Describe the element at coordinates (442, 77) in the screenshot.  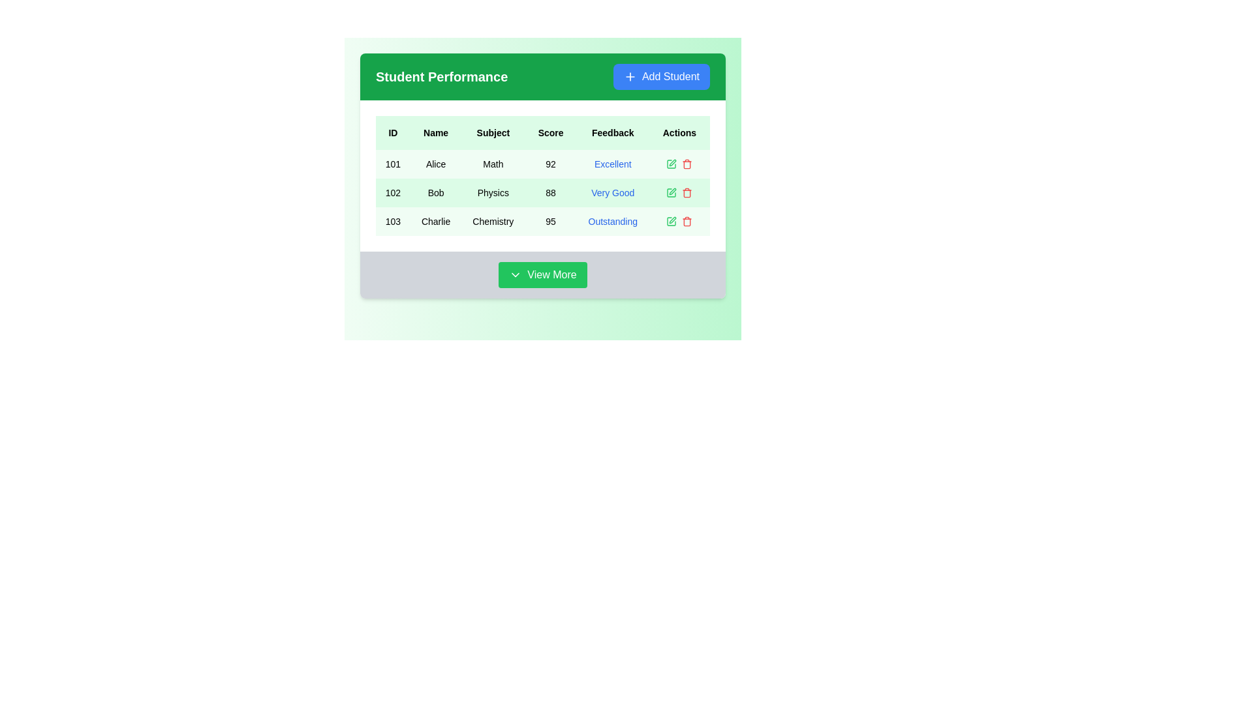
I see `the 'Student Performance' text label, which is a bold, larger font title displayed in white on a green background, located at the top-left of the header section next to the 'Add Student' button` at that location.